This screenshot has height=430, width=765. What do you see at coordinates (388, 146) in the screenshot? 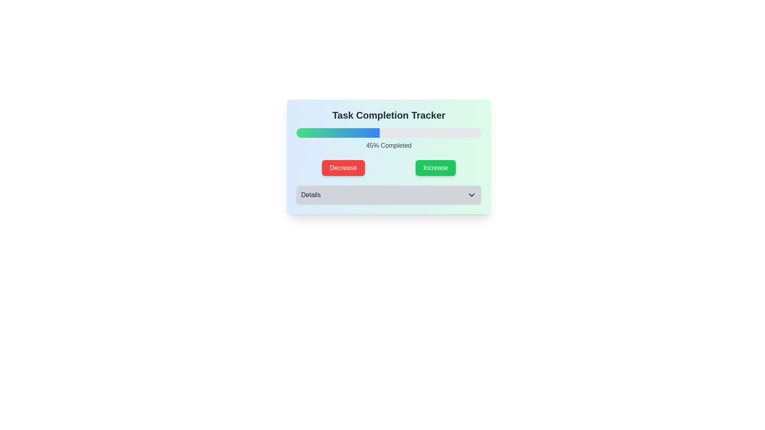
I see `the text label displaying '45% Completed', which is styled with a medium grey font and positioned below the progress bar and above the 'Decrease' and 'Increase' buttons` at bounding box center [388, 146].